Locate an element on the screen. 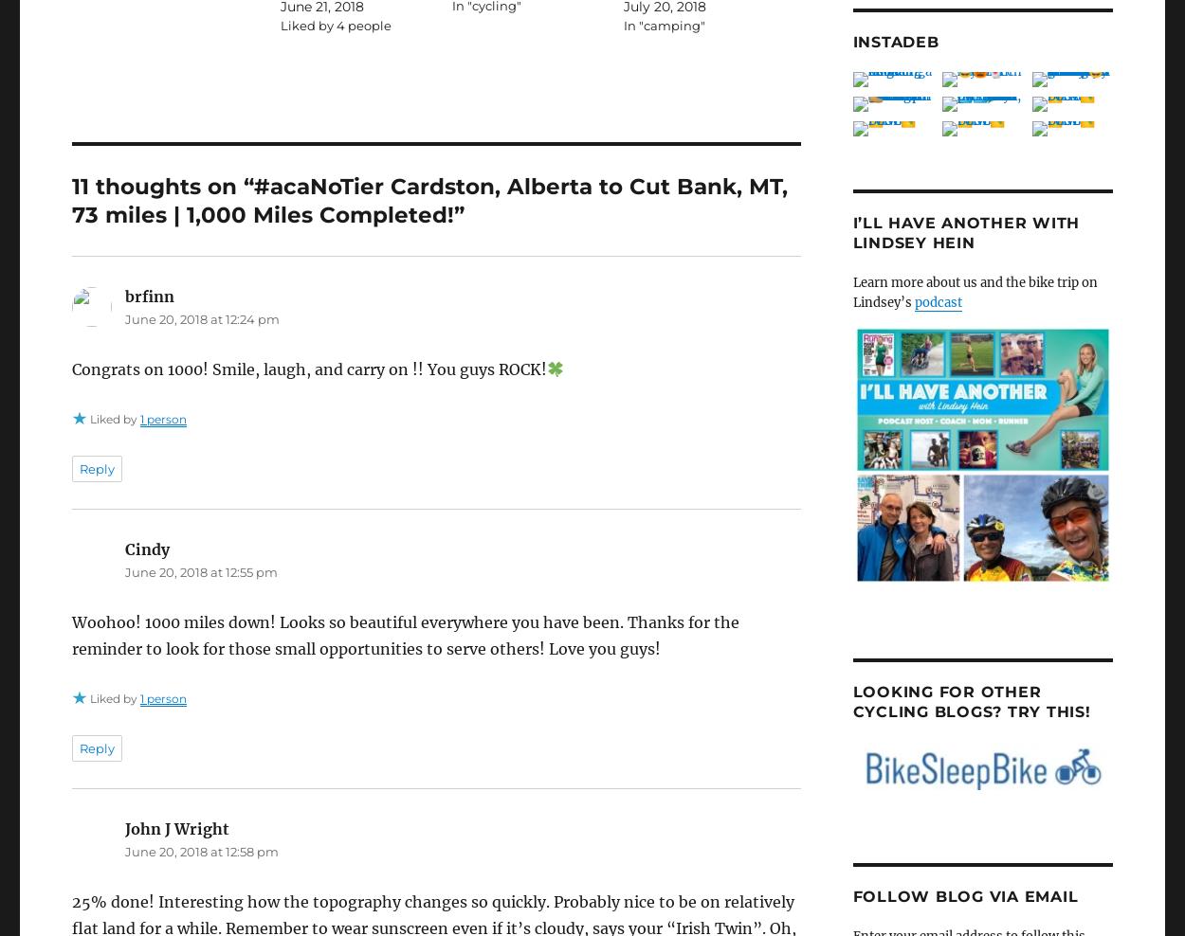 The width and height of the screenshot is (1185, 936). 'June 20, 2018 at 12:24 pm' is located at coordinates (200, 318).